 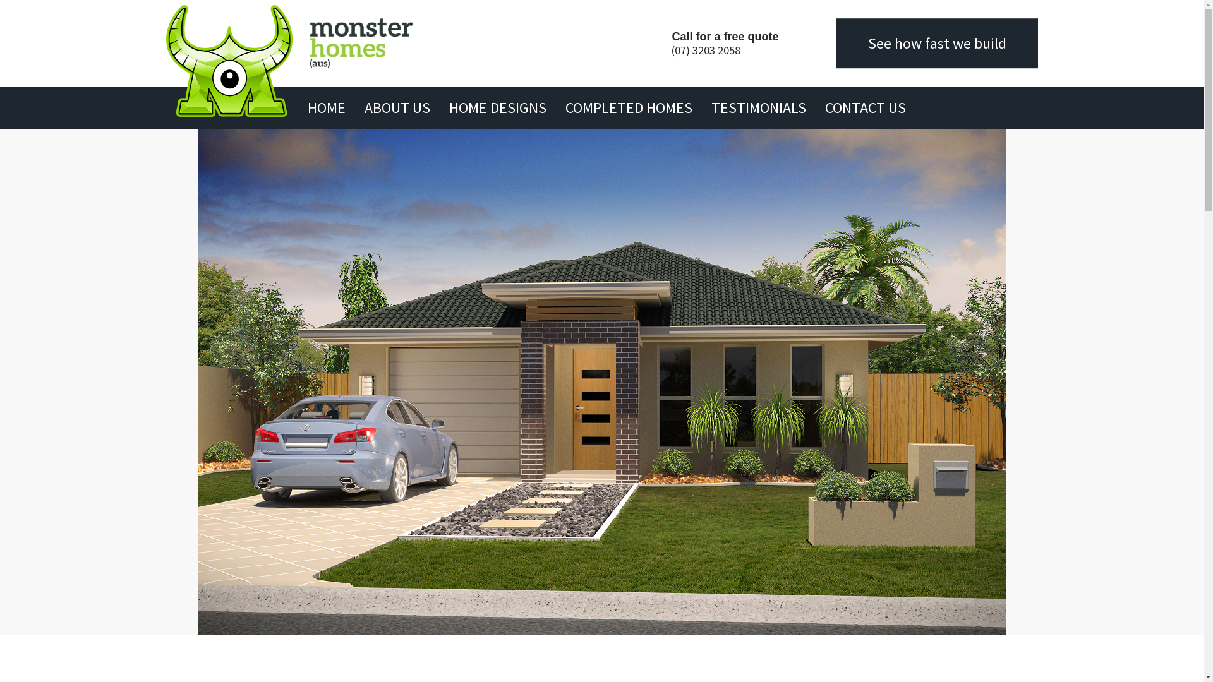 I want to click on 'CONTACT US', so click(x=864, y=107).